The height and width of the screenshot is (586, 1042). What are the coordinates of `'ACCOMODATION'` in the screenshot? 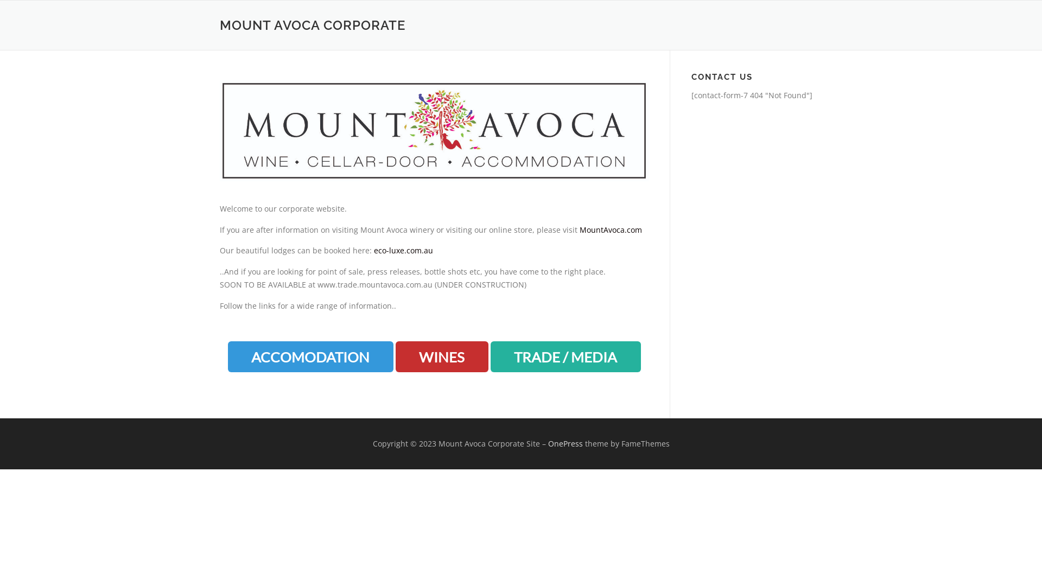 It's located at (310, 356).